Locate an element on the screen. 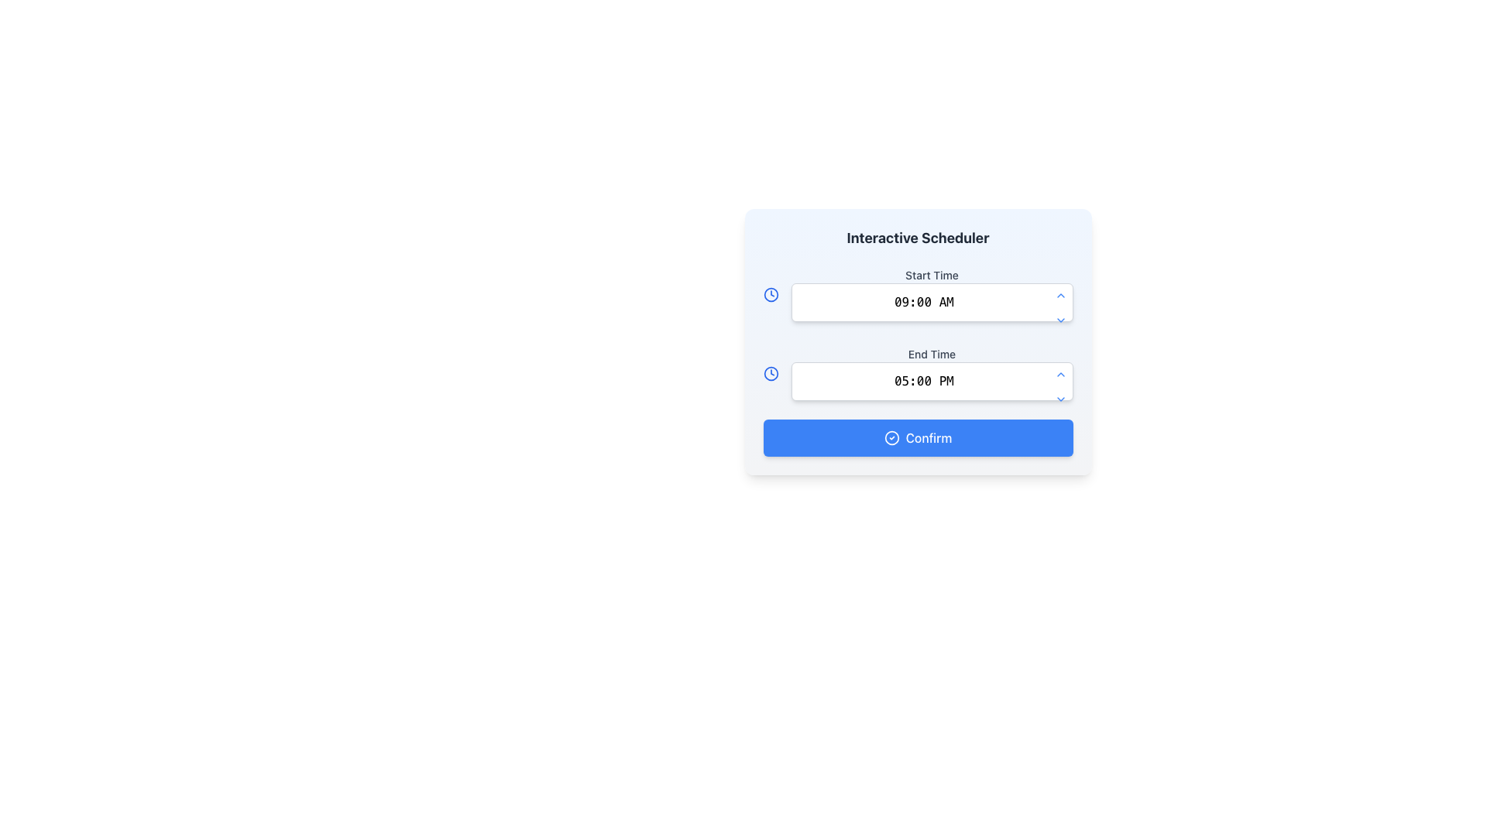 The width and height of the screenshot is (1487, 836). the Chevron Icon located to the right of the 'Start Time' input field to indicate its functionality for adjusting the time value is located at coordinates (1059, 295).